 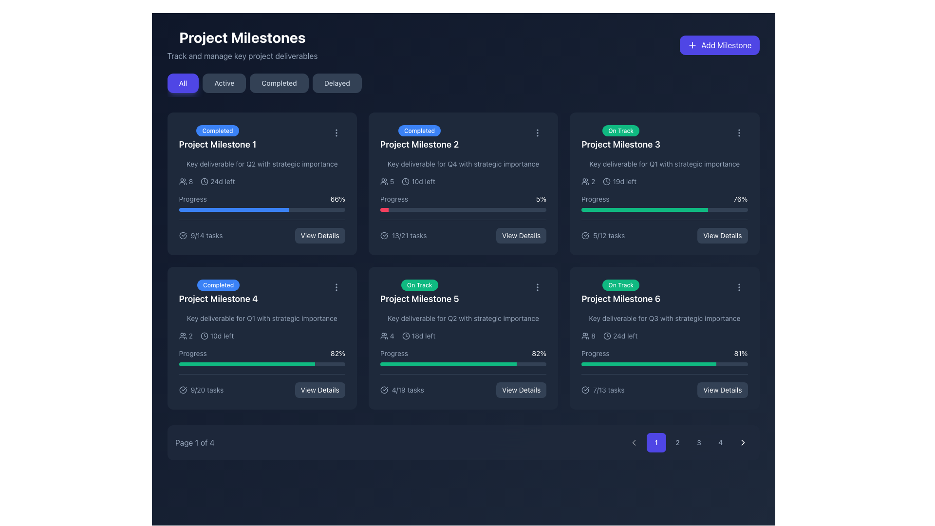 I want to click on the text '9/20 tasks' with the accompanying tick icon, located at the bottom left corner of the card labeled 'Project Milestone 4', so click(x=201, y=390).